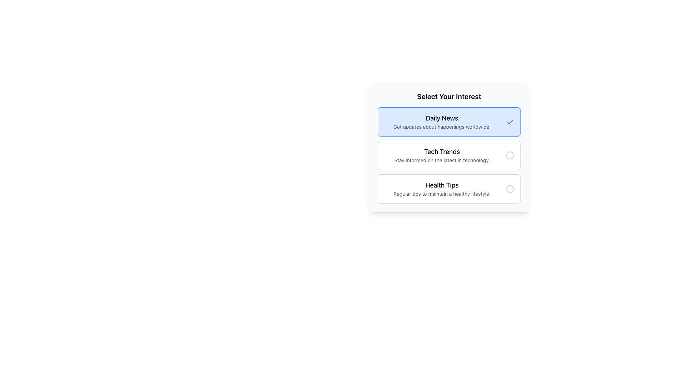  Describe the element at coordinates (510, 188) in the screenshot. I see `the 'Health Tips' radio button, which is the third option in the 'Select Your Interest' section` at that location.